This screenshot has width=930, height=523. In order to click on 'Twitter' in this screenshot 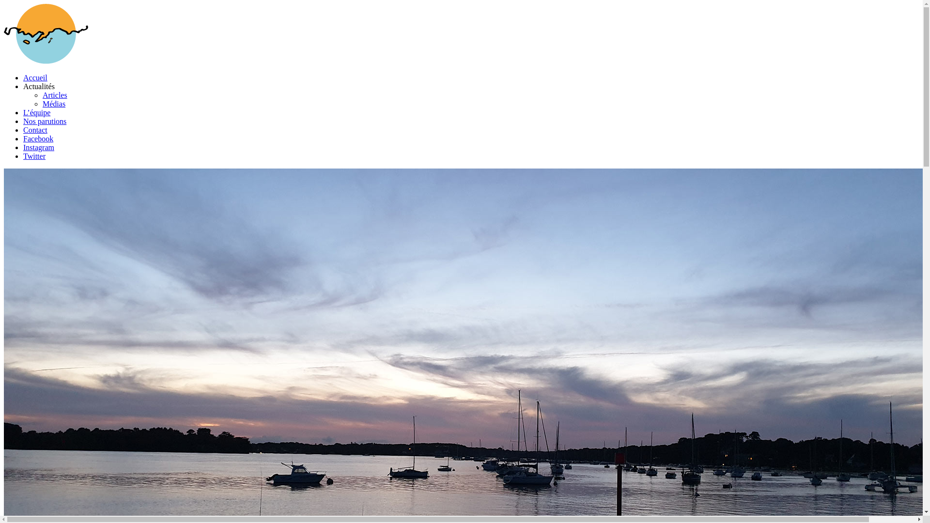, I will do `click(34, 155)`.